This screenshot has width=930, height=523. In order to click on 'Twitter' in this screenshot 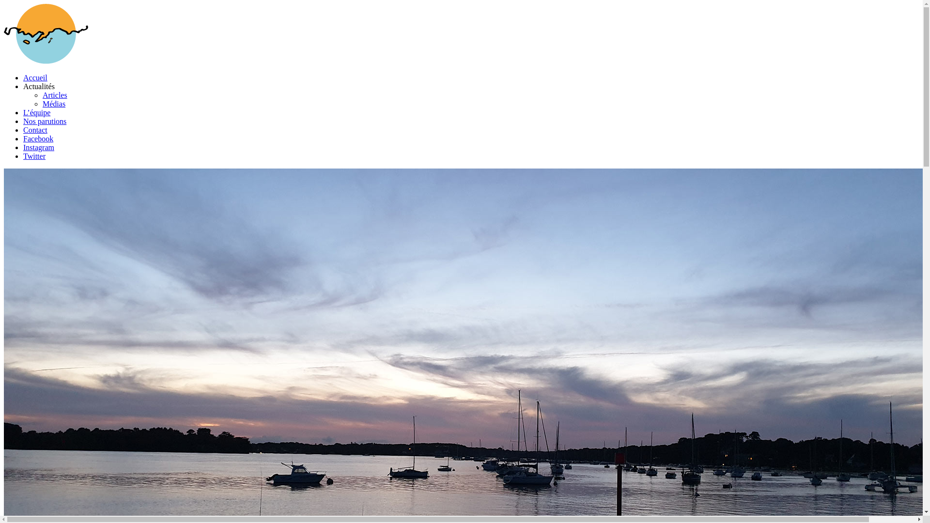, I will do `click(34, 155)`.